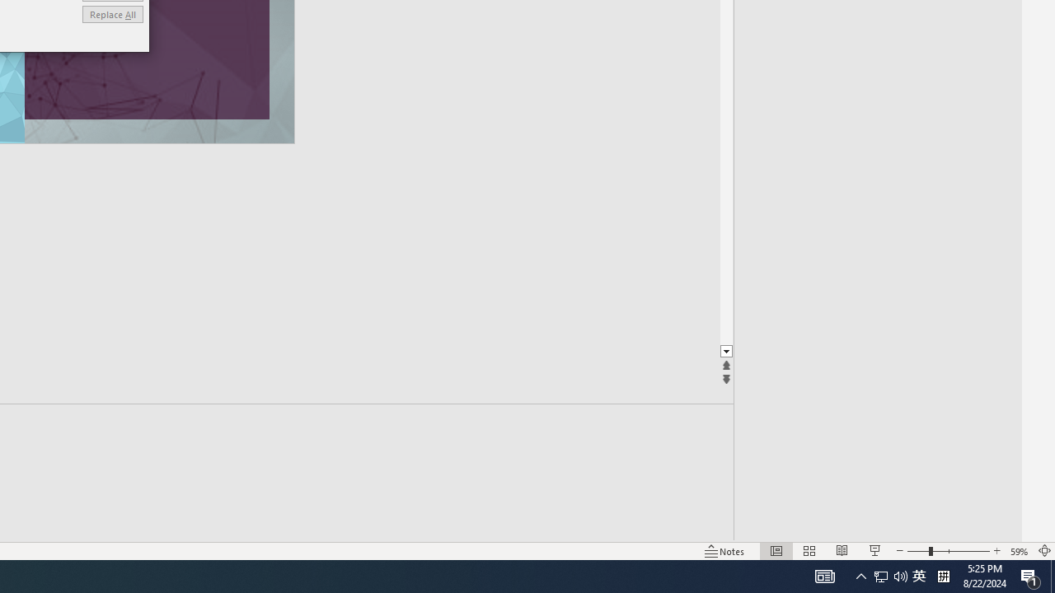  I want to click on 'Replace All', so click(111, 14).